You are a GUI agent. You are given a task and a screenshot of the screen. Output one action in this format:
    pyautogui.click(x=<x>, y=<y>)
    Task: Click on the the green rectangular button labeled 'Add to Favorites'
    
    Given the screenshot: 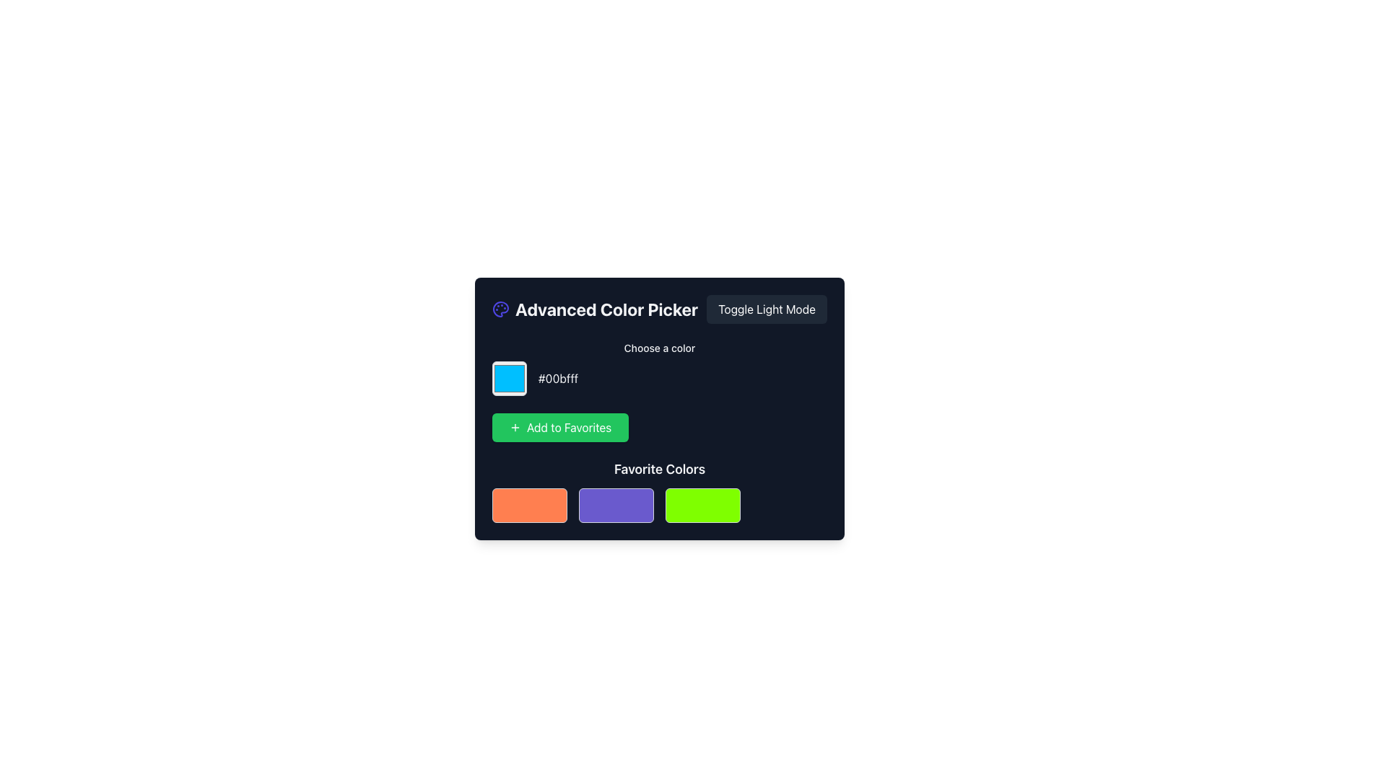 What is the action you would take?
    pyautogui.click(x=559, y=427)
    